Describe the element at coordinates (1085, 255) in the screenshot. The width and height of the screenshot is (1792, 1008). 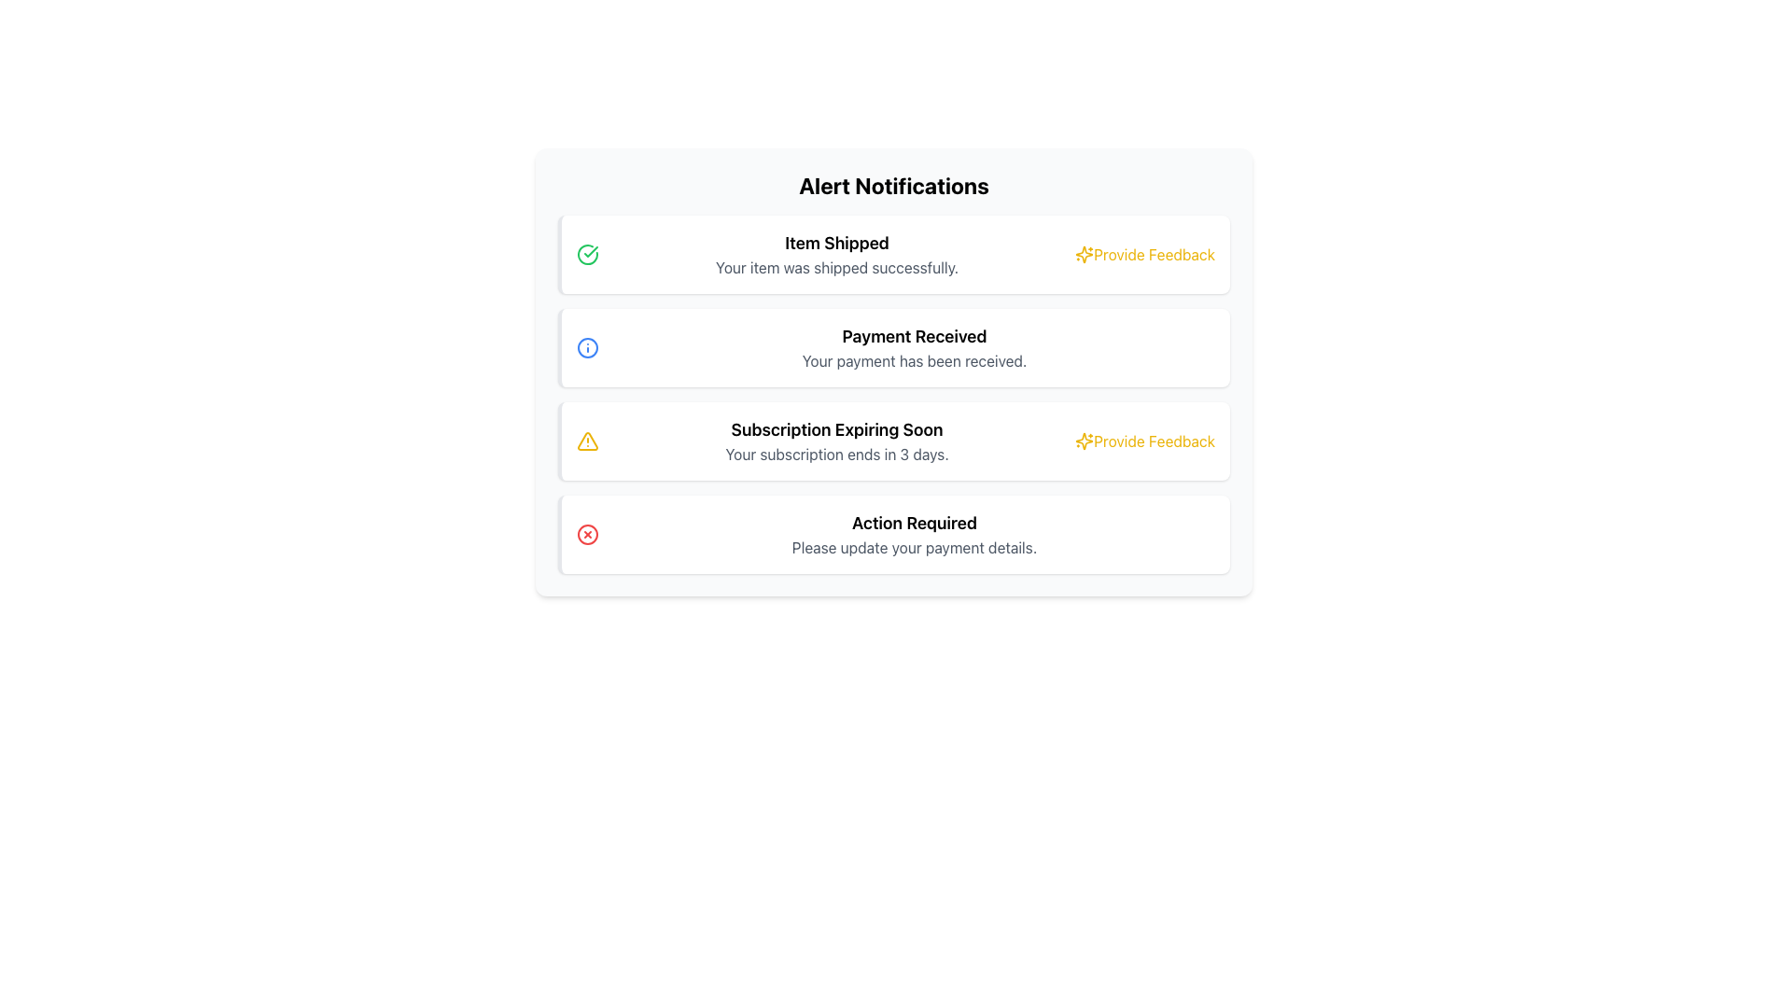
I see `the star-like icon with a golden-yellow outline located to the right of the 'Subscription Expiring Soon' alert entry in the 'Alert Notifications' panel` at that location.